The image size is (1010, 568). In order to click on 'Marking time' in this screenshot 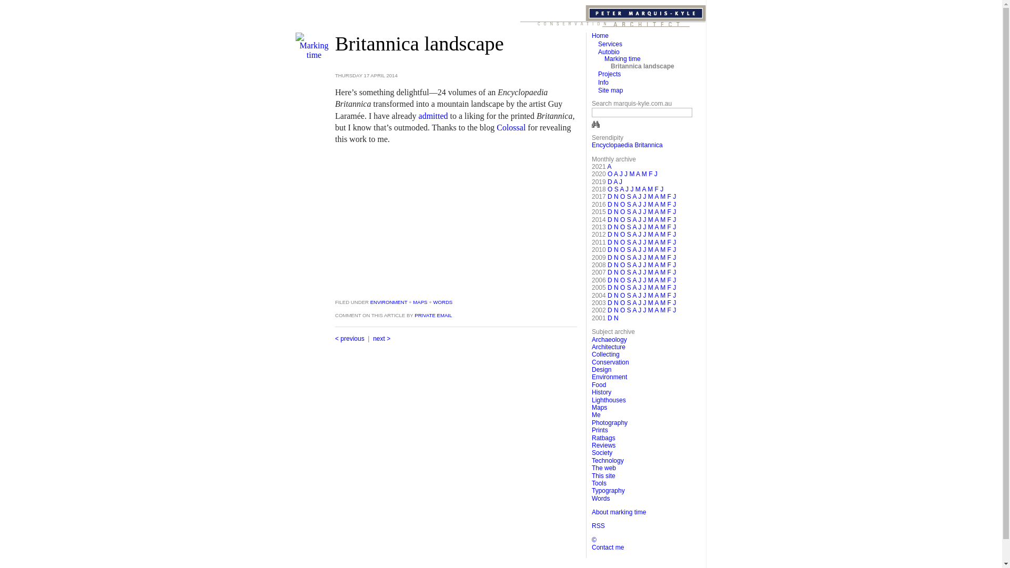, I will do `click(313, 55)`.